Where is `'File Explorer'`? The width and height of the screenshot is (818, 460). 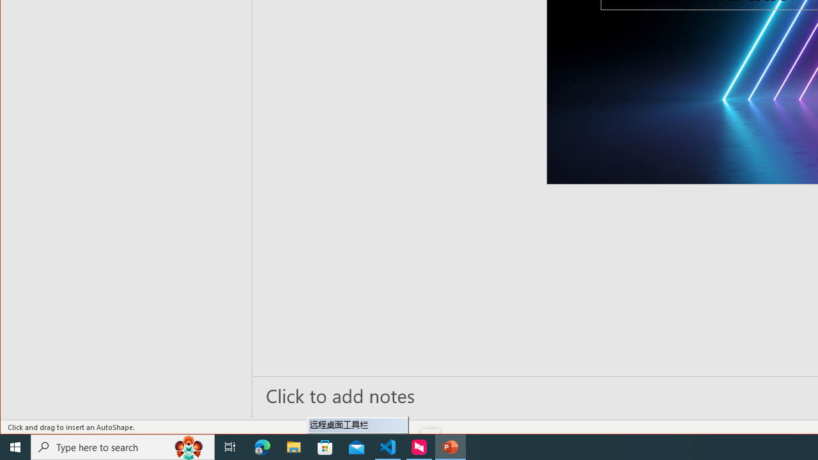
'File Explorer' is located at coordinates (293, 446).